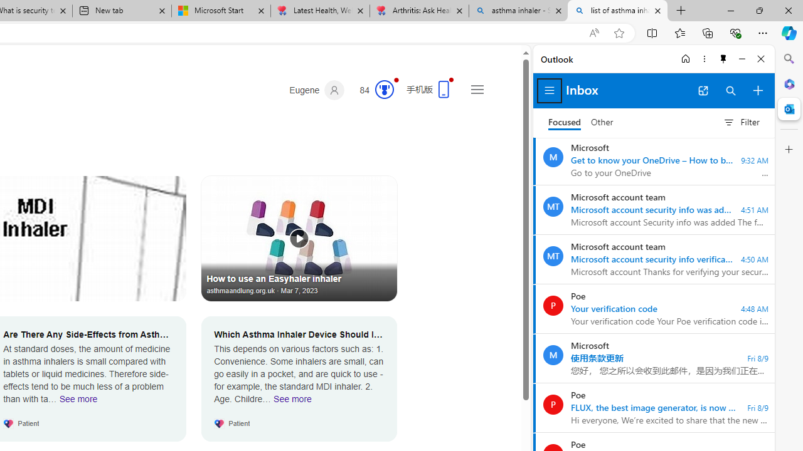 The image size is (803, 451). What do you see at coordinates (317, 90) in the screenshot?
I see `'Eugene'` at bounding box center [317, 90].